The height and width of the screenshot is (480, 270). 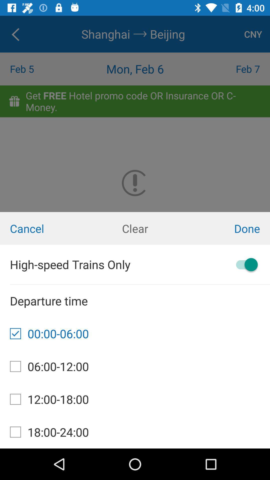 I want to click on item next to the clear item, so click(x=224, y=228).